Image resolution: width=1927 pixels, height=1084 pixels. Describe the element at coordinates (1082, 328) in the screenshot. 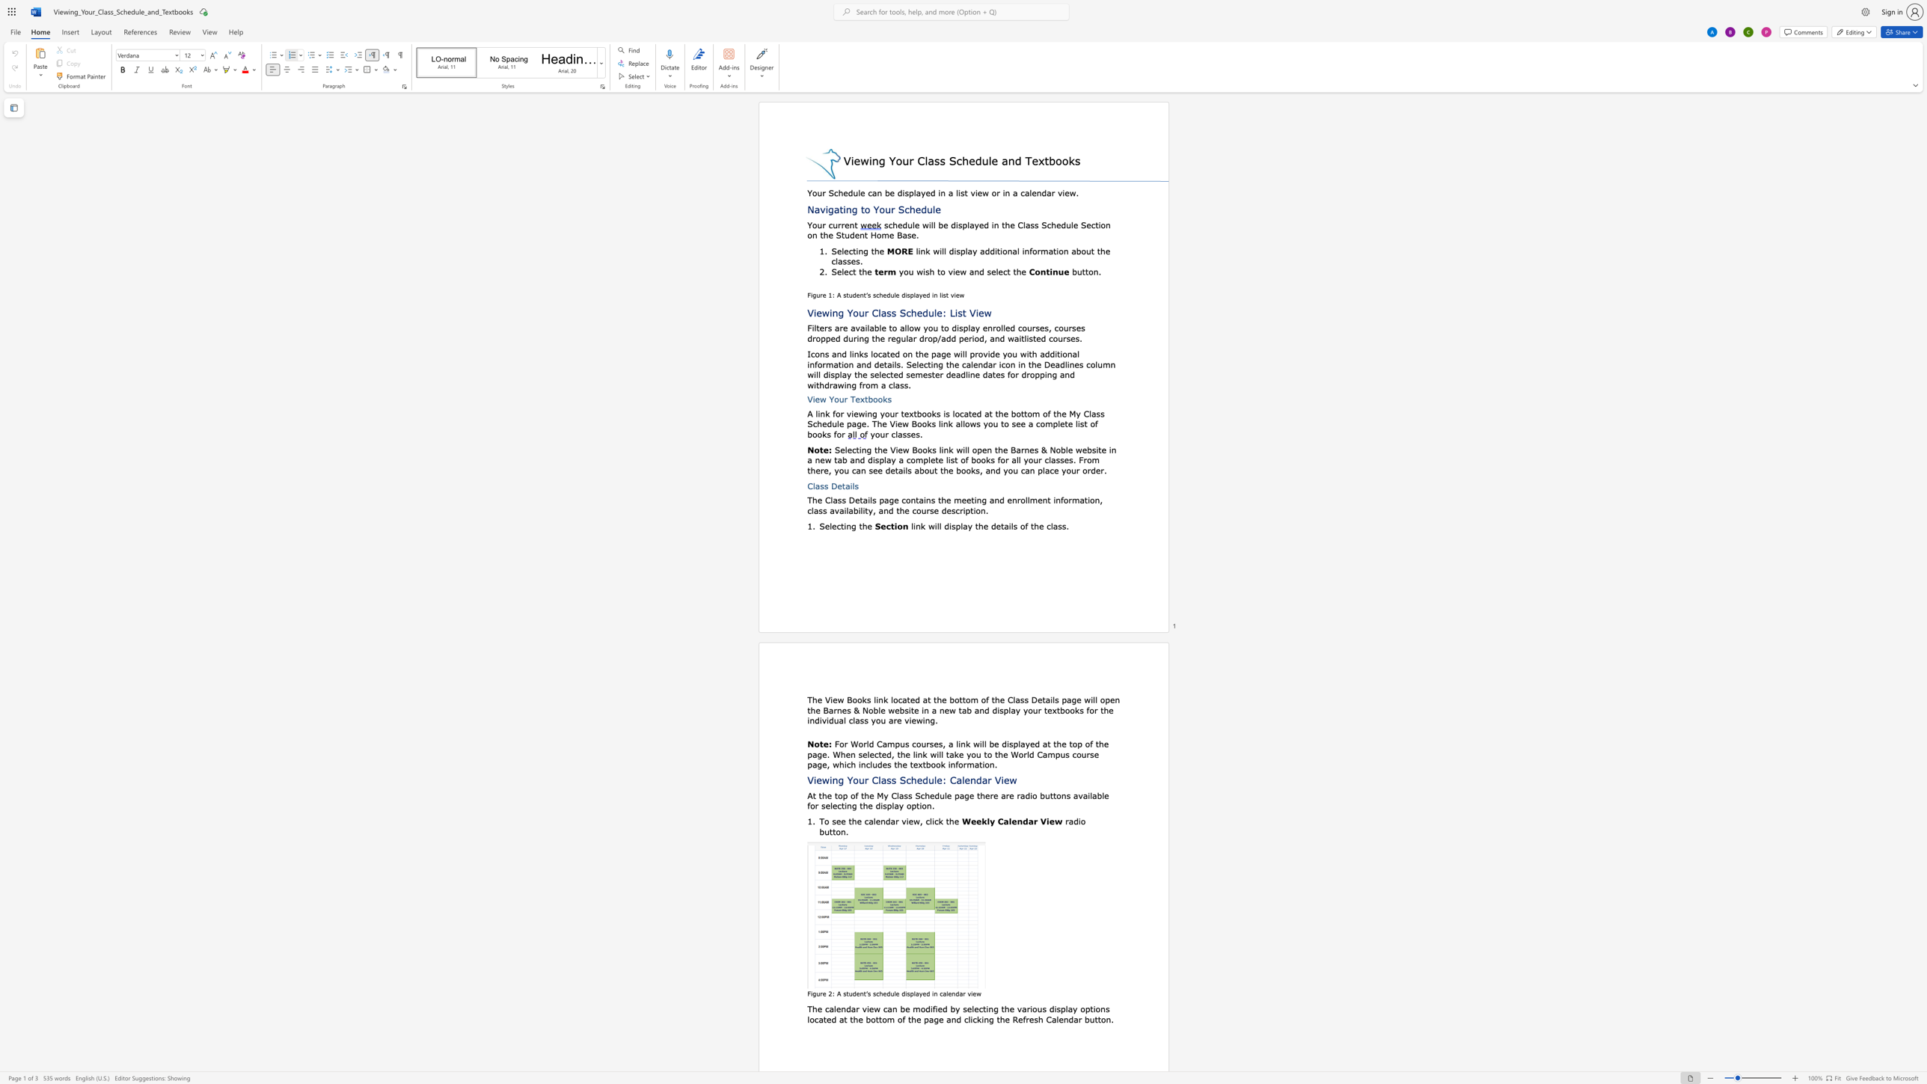

I see `the 6th character "s" in the text` at that location.